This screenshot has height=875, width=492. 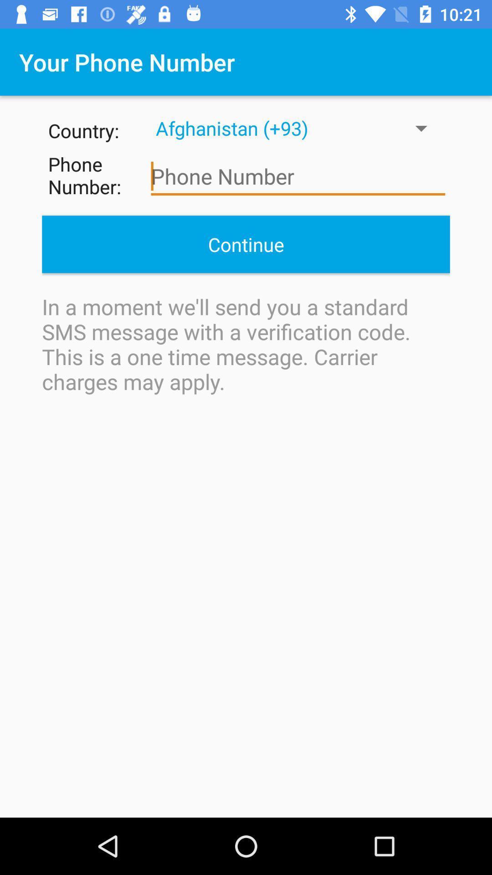 I want to click on your phone number here, so click(x=298, y=176).